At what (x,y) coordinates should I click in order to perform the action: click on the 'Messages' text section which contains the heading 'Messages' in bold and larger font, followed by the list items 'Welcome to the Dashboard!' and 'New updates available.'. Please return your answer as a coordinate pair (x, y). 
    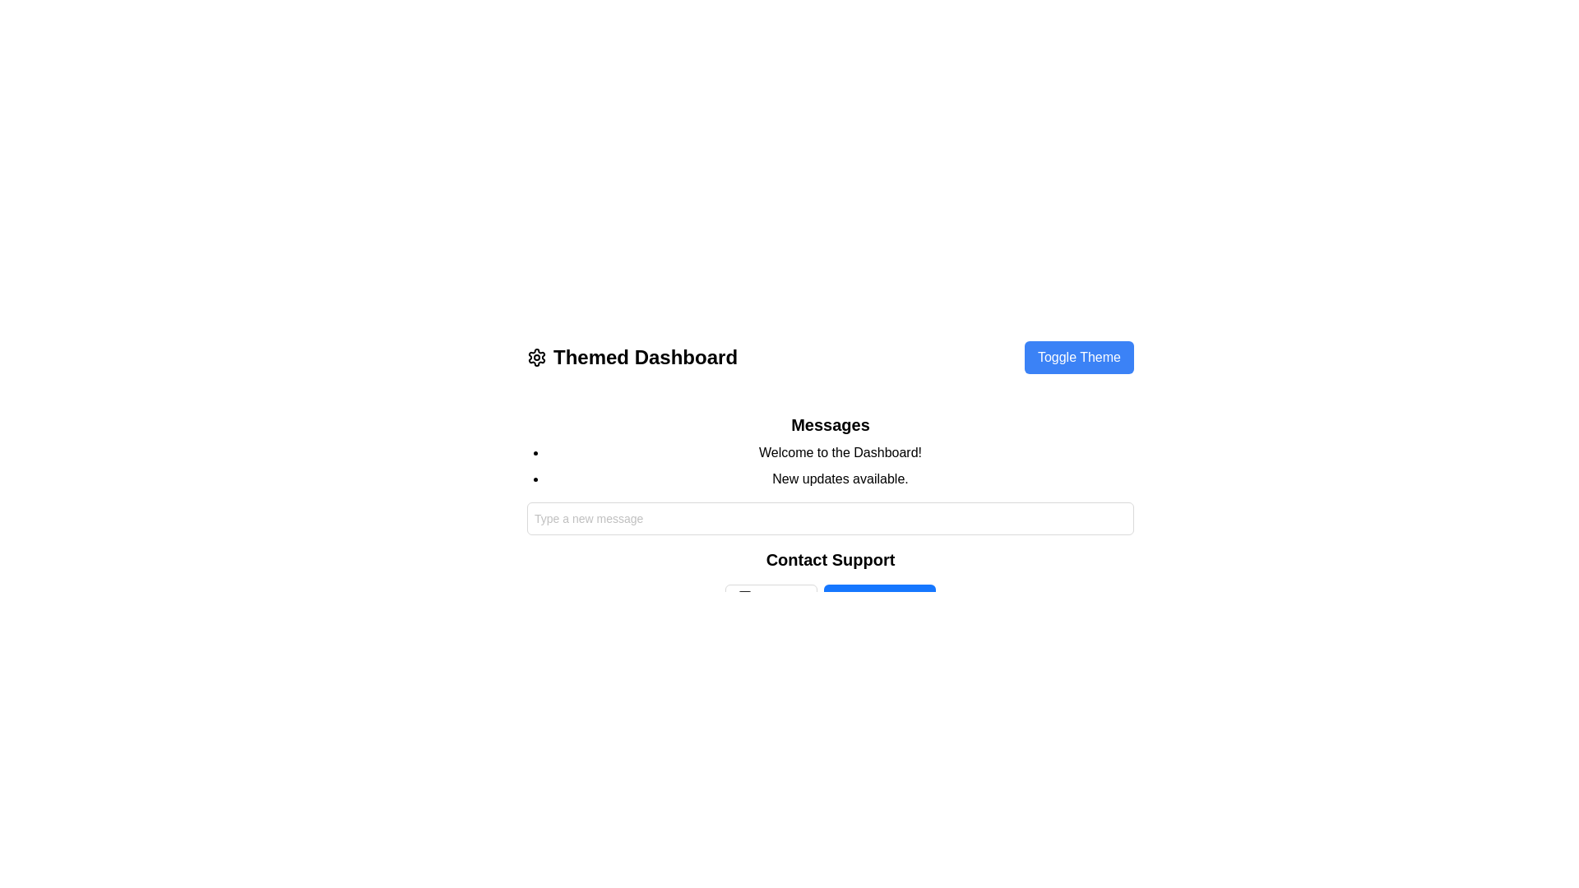
    Looking at the image, I should click on (830, 436).